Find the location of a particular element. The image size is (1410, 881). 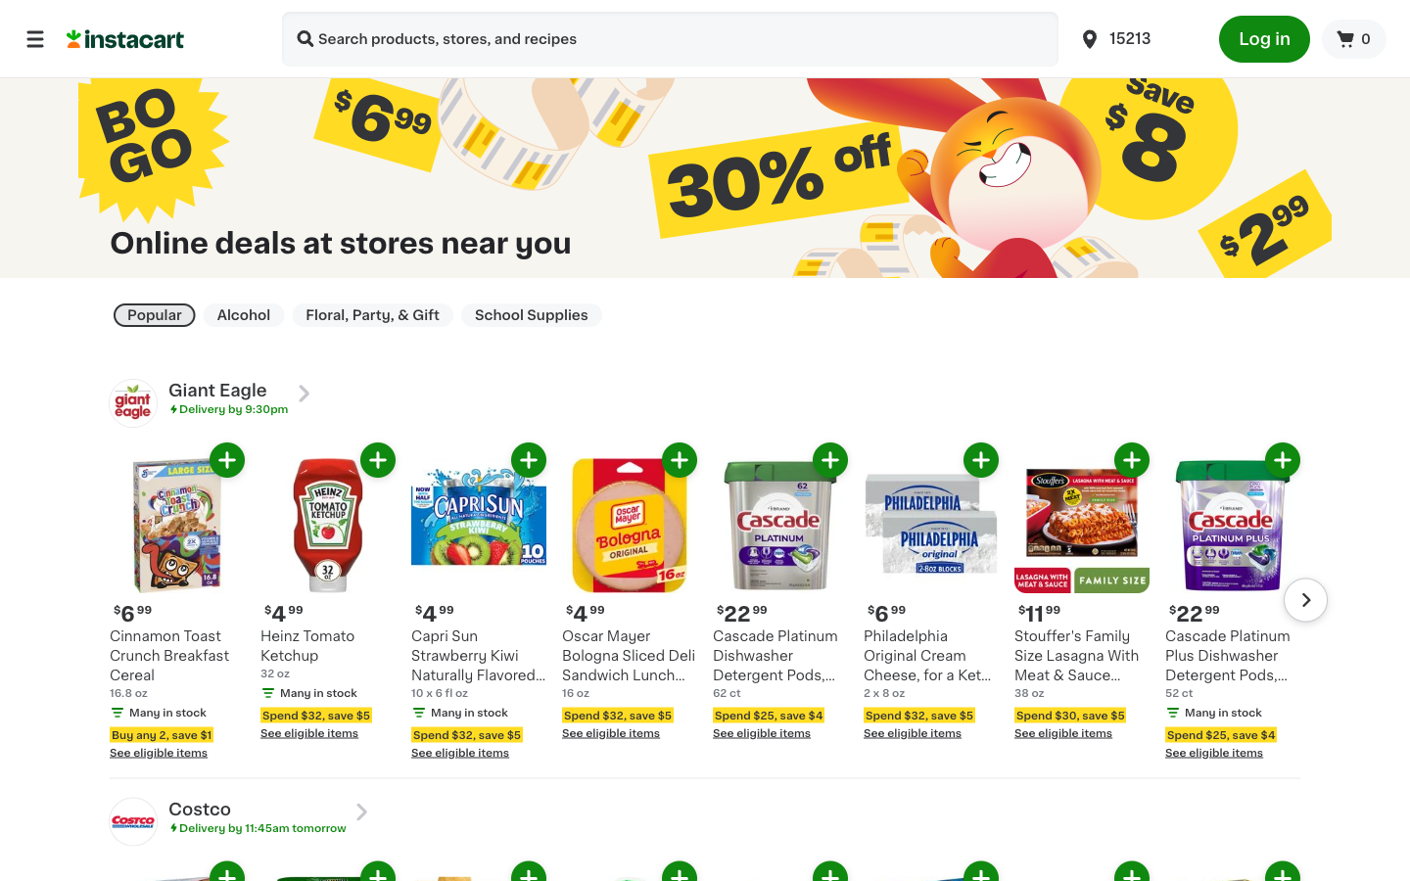

Search for Diet Coke Can on screen is located at coordinates (305, 40).